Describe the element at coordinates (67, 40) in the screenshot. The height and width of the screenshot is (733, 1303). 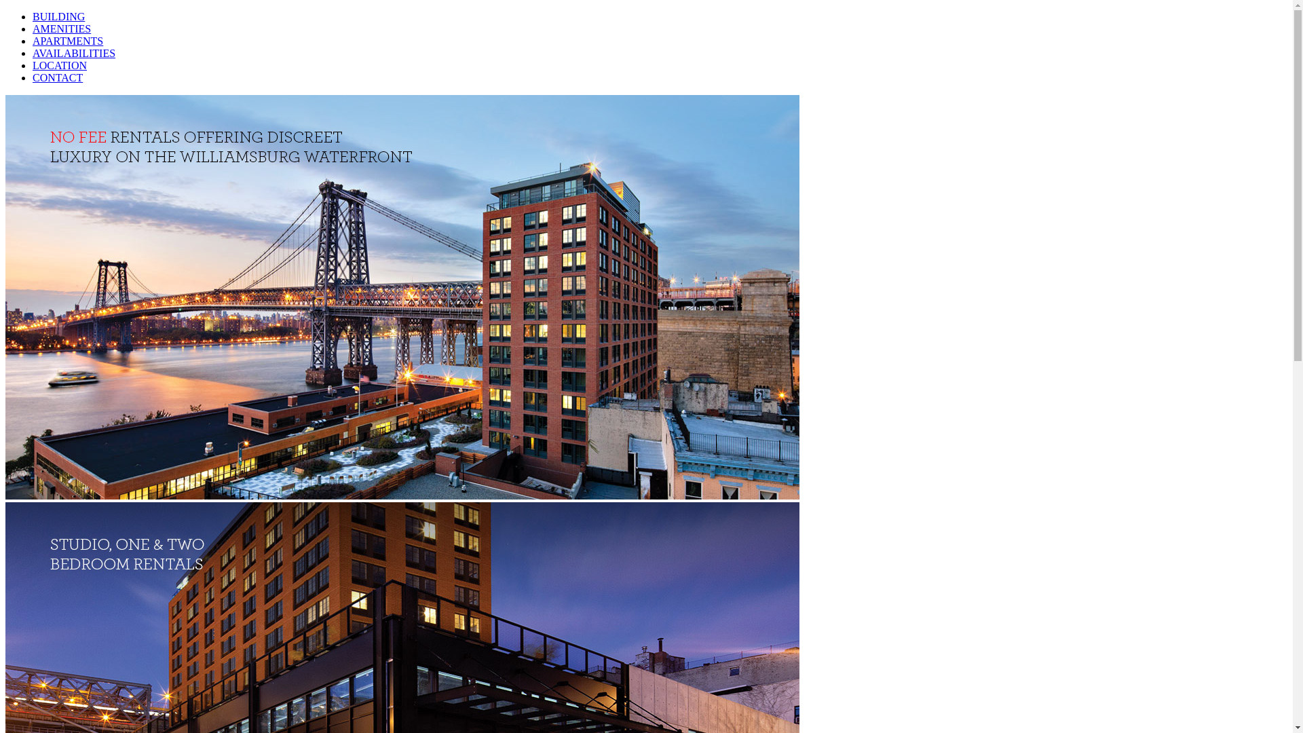
I see `'APARTMENTS'` at that location.